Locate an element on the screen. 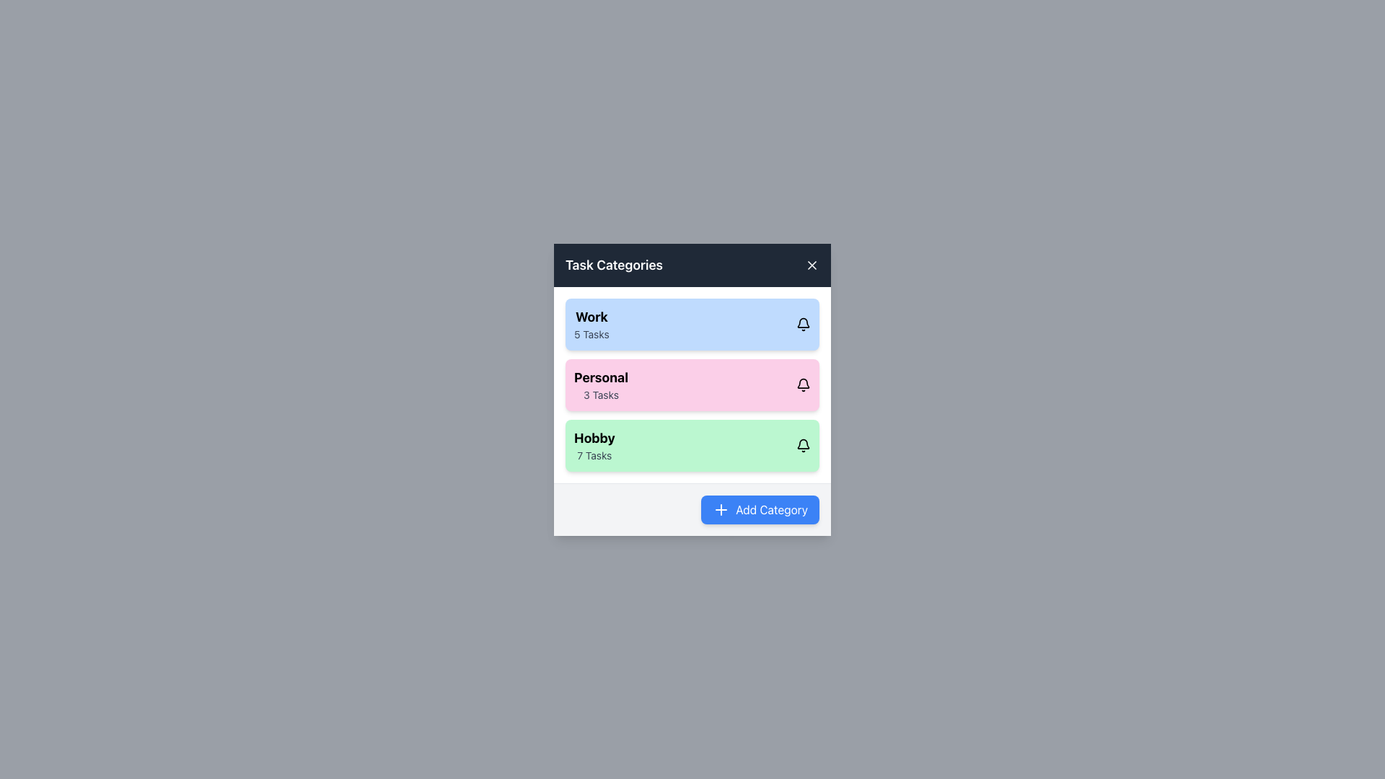  the Close Icon located in the top-right corner of the dark header bar is located at coordinates (812, 265).